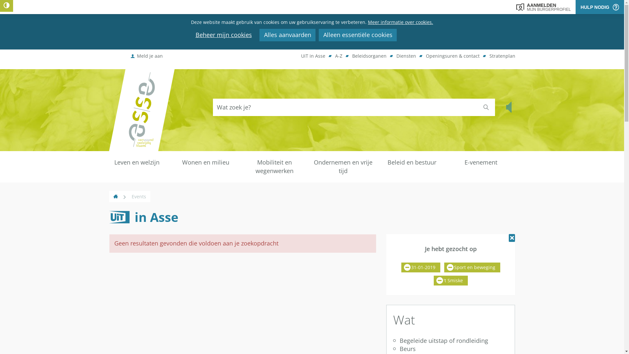 The image size is (629, 354). I want to click on 'Zoek', so click(486, 107).